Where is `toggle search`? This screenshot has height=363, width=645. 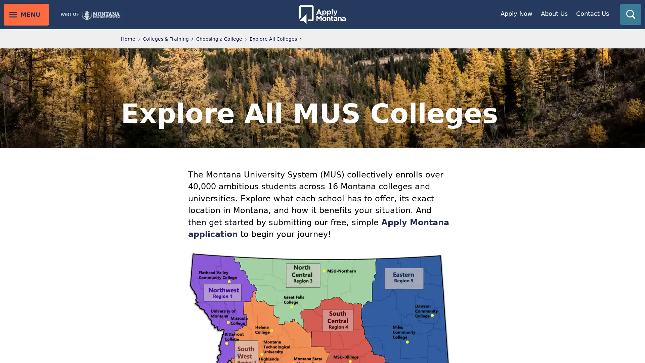
toggle search is located at coordinates (630, 14).